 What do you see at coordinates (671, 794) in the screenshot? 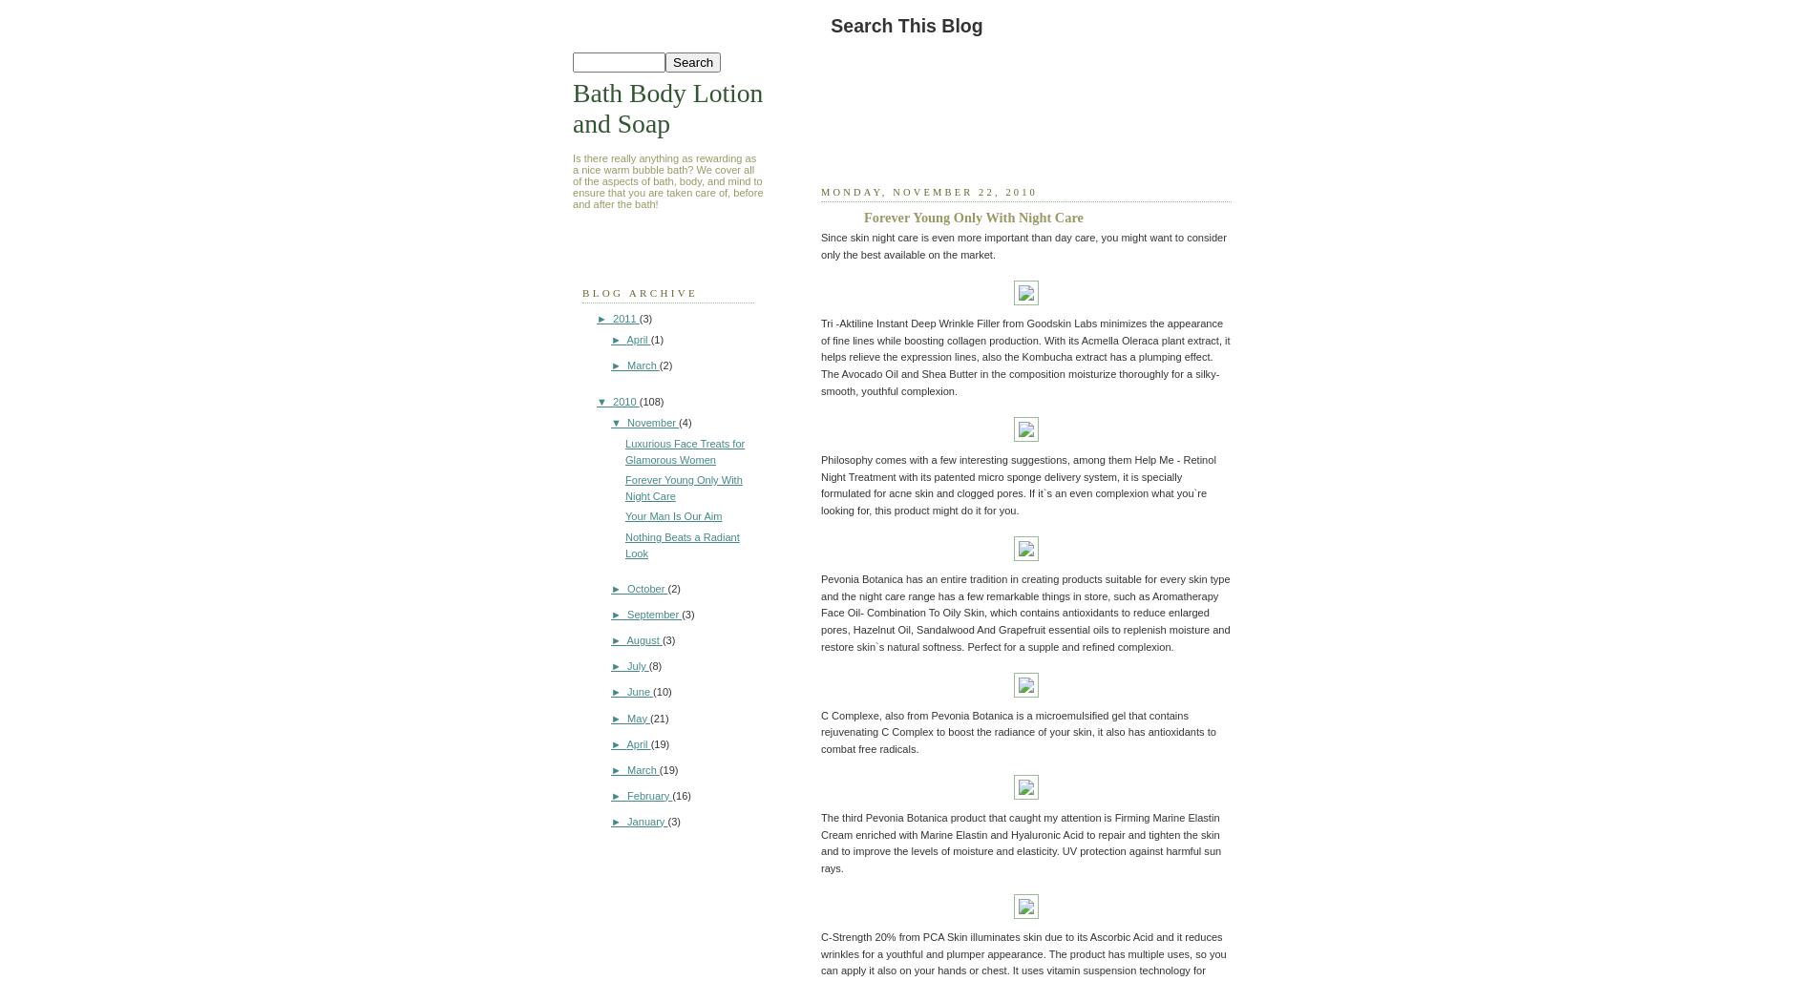
I see `'(16)'` at bounding box center [671, 794].